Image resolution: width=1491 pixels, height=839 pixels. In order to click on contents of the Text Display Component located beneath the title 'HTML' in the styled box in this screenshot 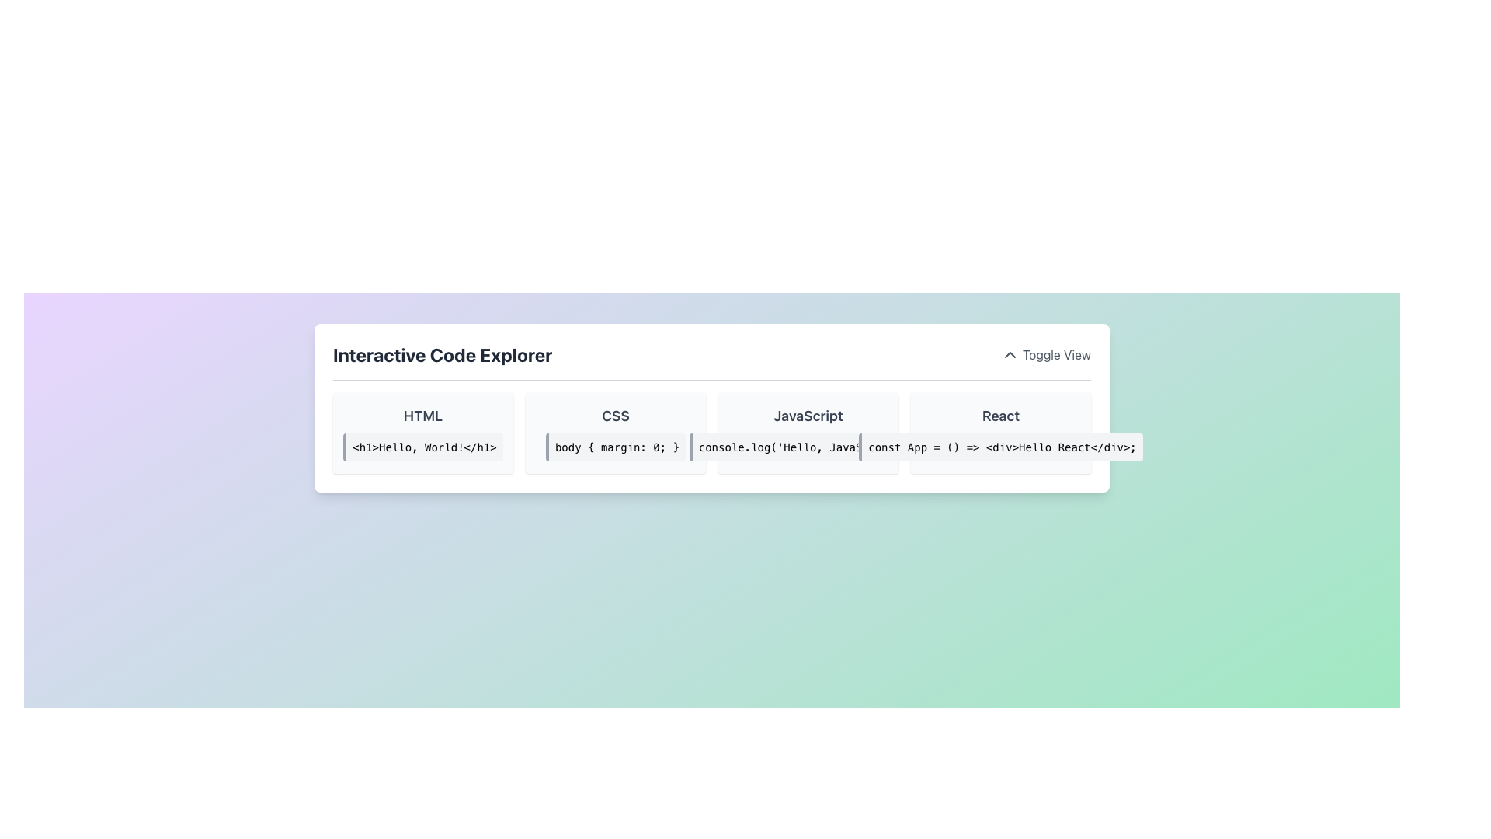, I will do `click(423, 447)`.